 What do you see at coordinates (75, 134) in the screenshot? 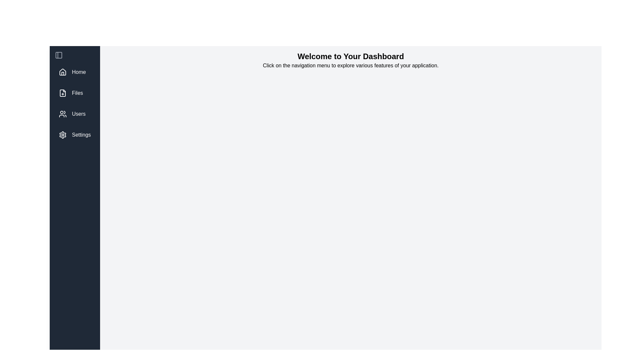
I see `the fourth item in the vertical navigation menu on the left side` at bounding box center [75, 134].